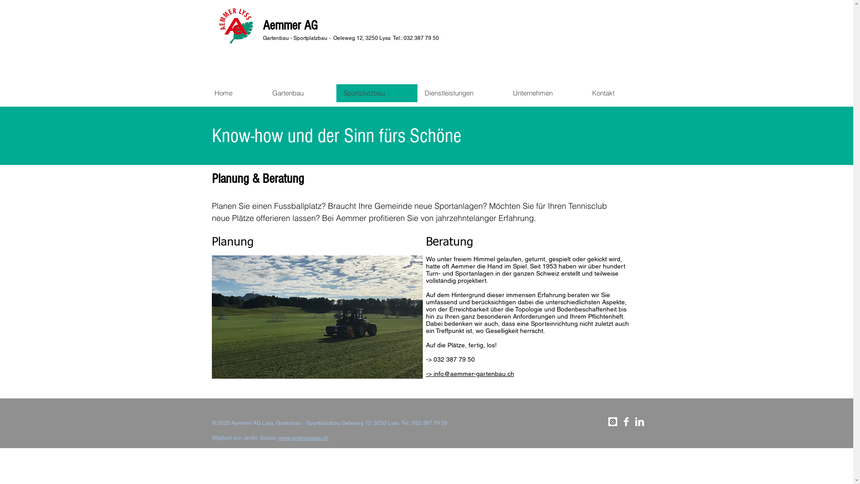 This screenshot has height=484, width=860. Describe the element at coordinates (236, 93) in the screenshot. I see `'Home'` at that location.